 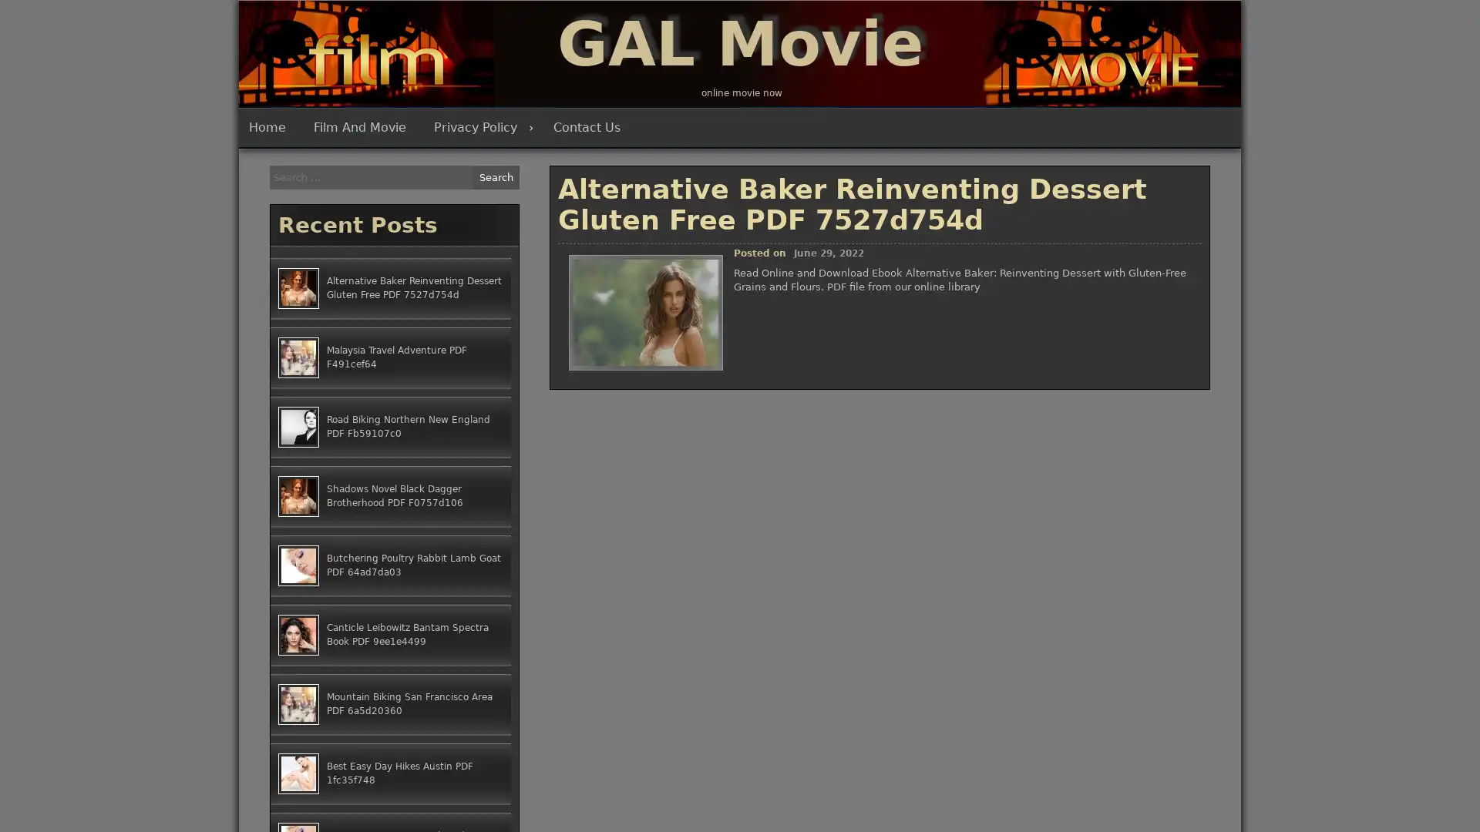 I want to click on Search, so click(x=496, y=176).